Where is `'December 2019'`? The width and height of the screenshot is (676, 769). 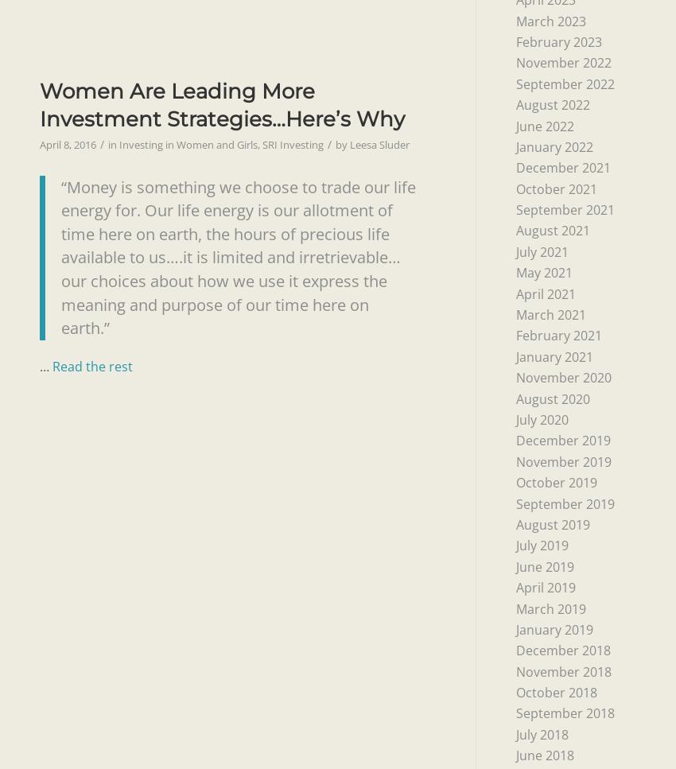 'December 2019' is located at coordinates (561, 440).